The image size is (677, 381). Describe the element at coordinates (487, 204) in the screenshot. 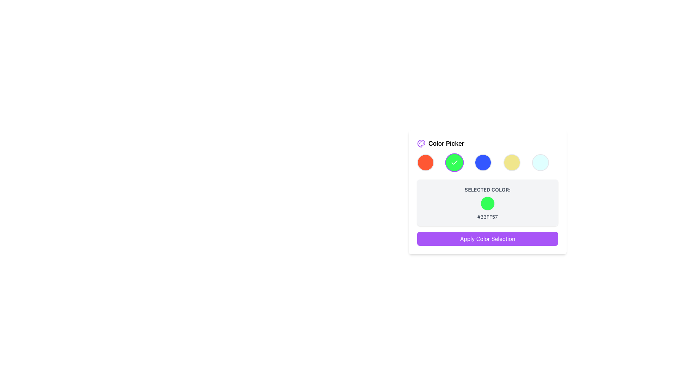

I see `the color of the circular Color Sample Indicator, which is bright green and located within the 'SELECTED COLOR:' section` at that location.